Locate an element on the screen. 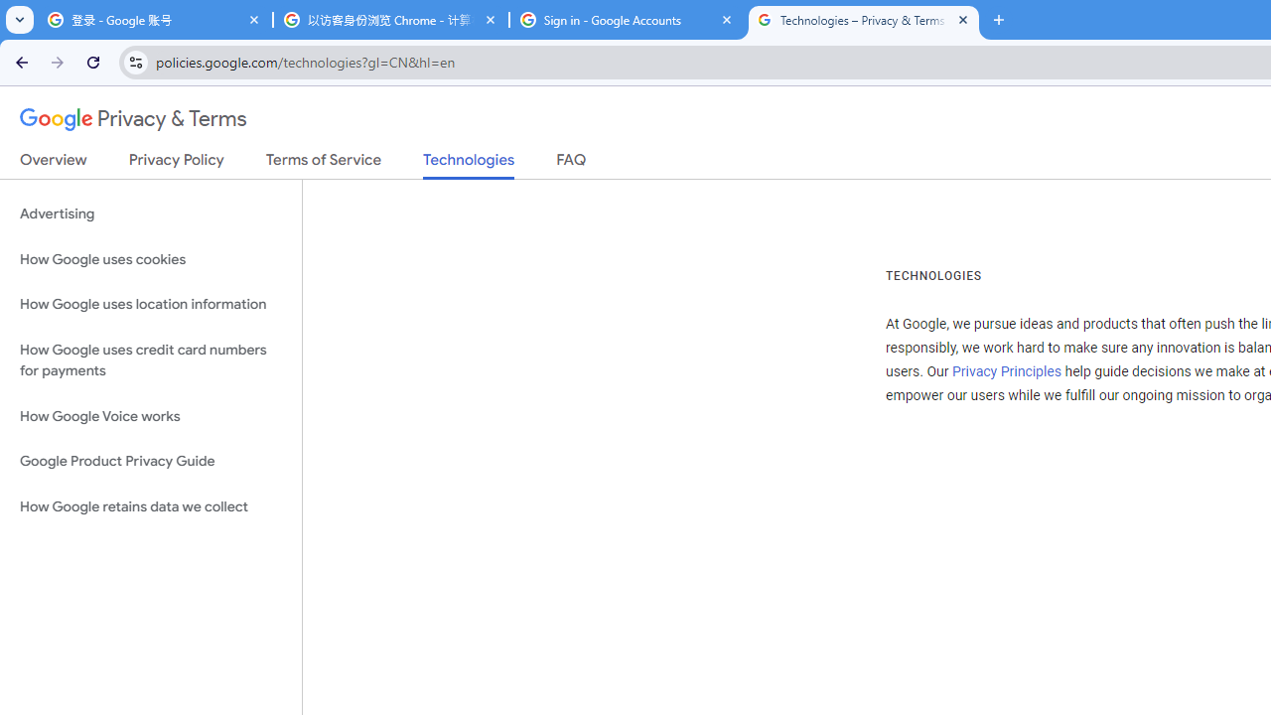 The image size is (1271, 715). 'Advertising' is located at coordinates (150, 214).